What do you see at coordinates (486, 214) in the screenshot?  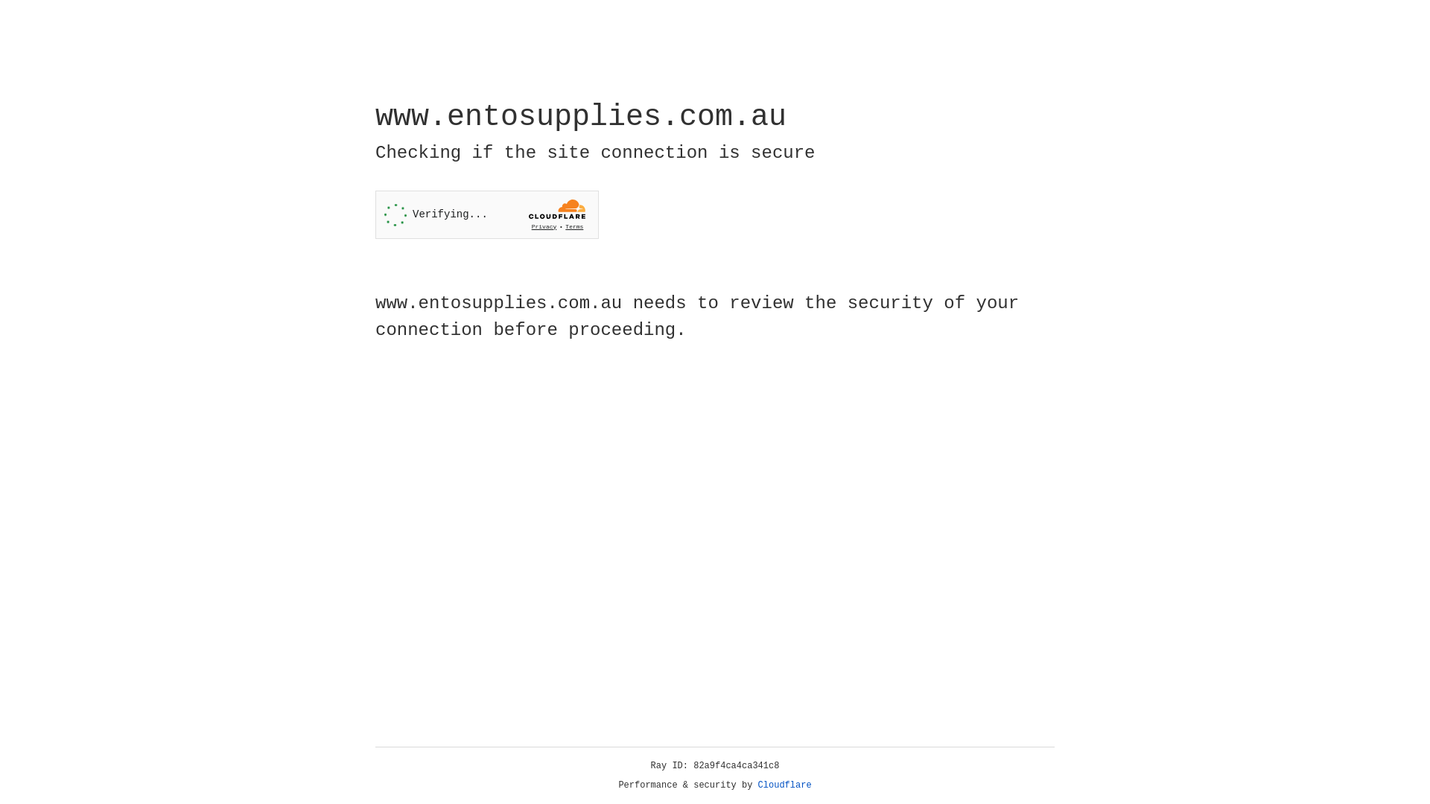 I see `'Widget containing a Cloudflare security challenge'` at bounding box center [486, 214].